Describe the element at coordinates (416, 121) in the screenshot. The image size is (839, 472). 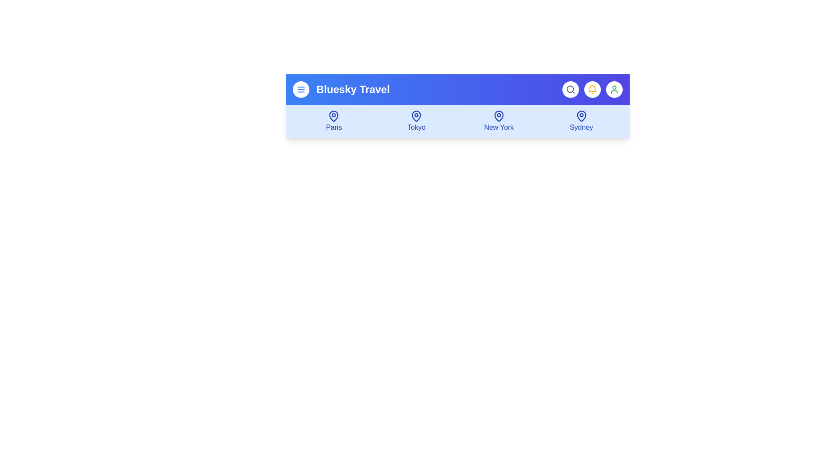
I see `the destination item Tokyo` at that location.